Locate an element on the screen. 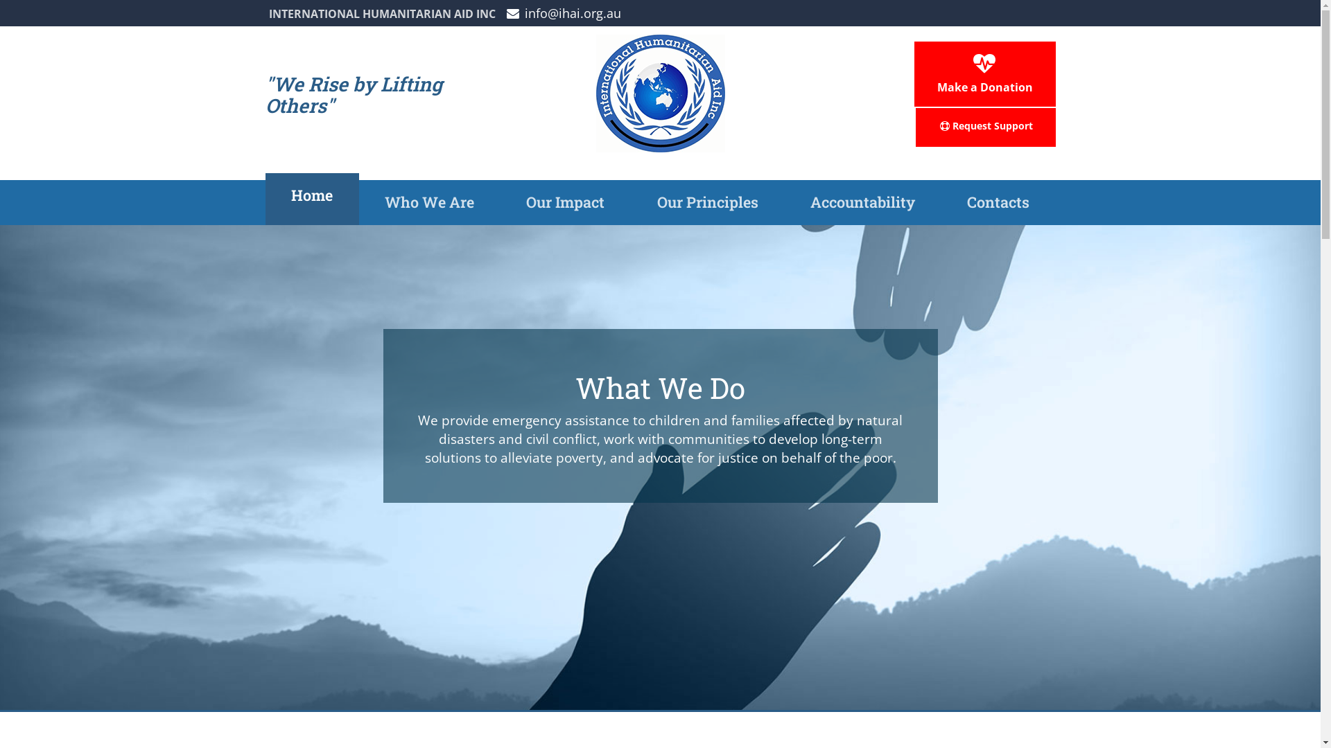 This screenshot has width=1331, height=748. 'Our Principles' is located at coordinates (117, 197).